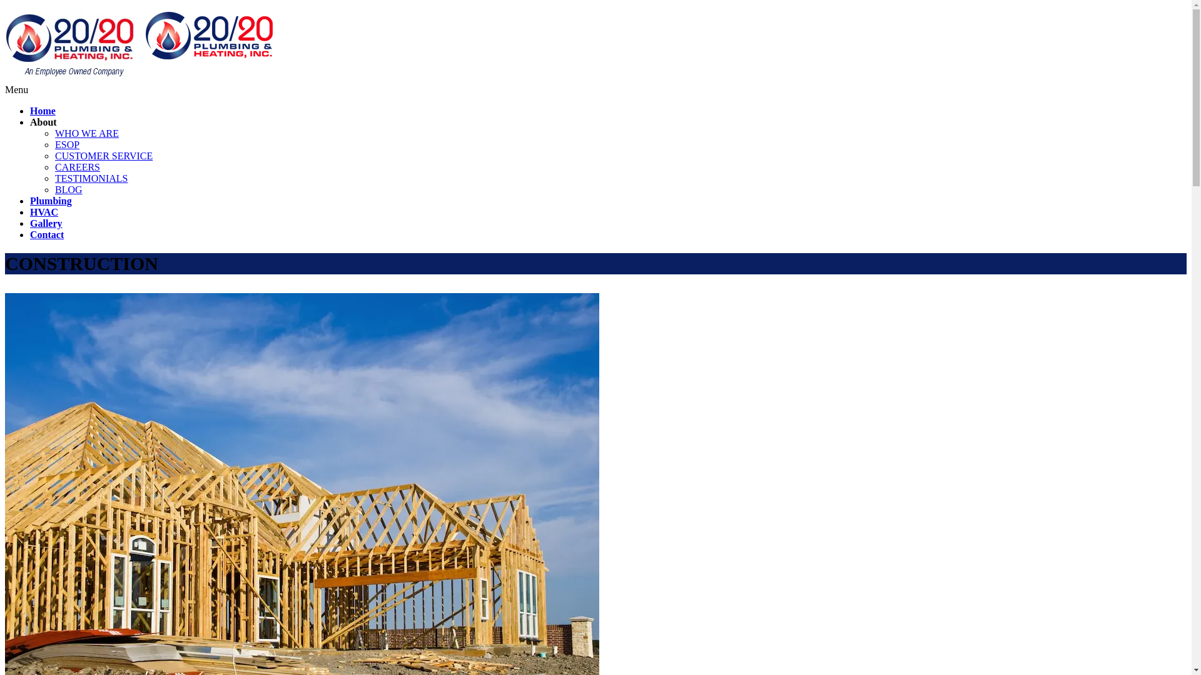 This screenshot has width=1201, height=675. I want to click on 'ESOP', so click(66, 144).